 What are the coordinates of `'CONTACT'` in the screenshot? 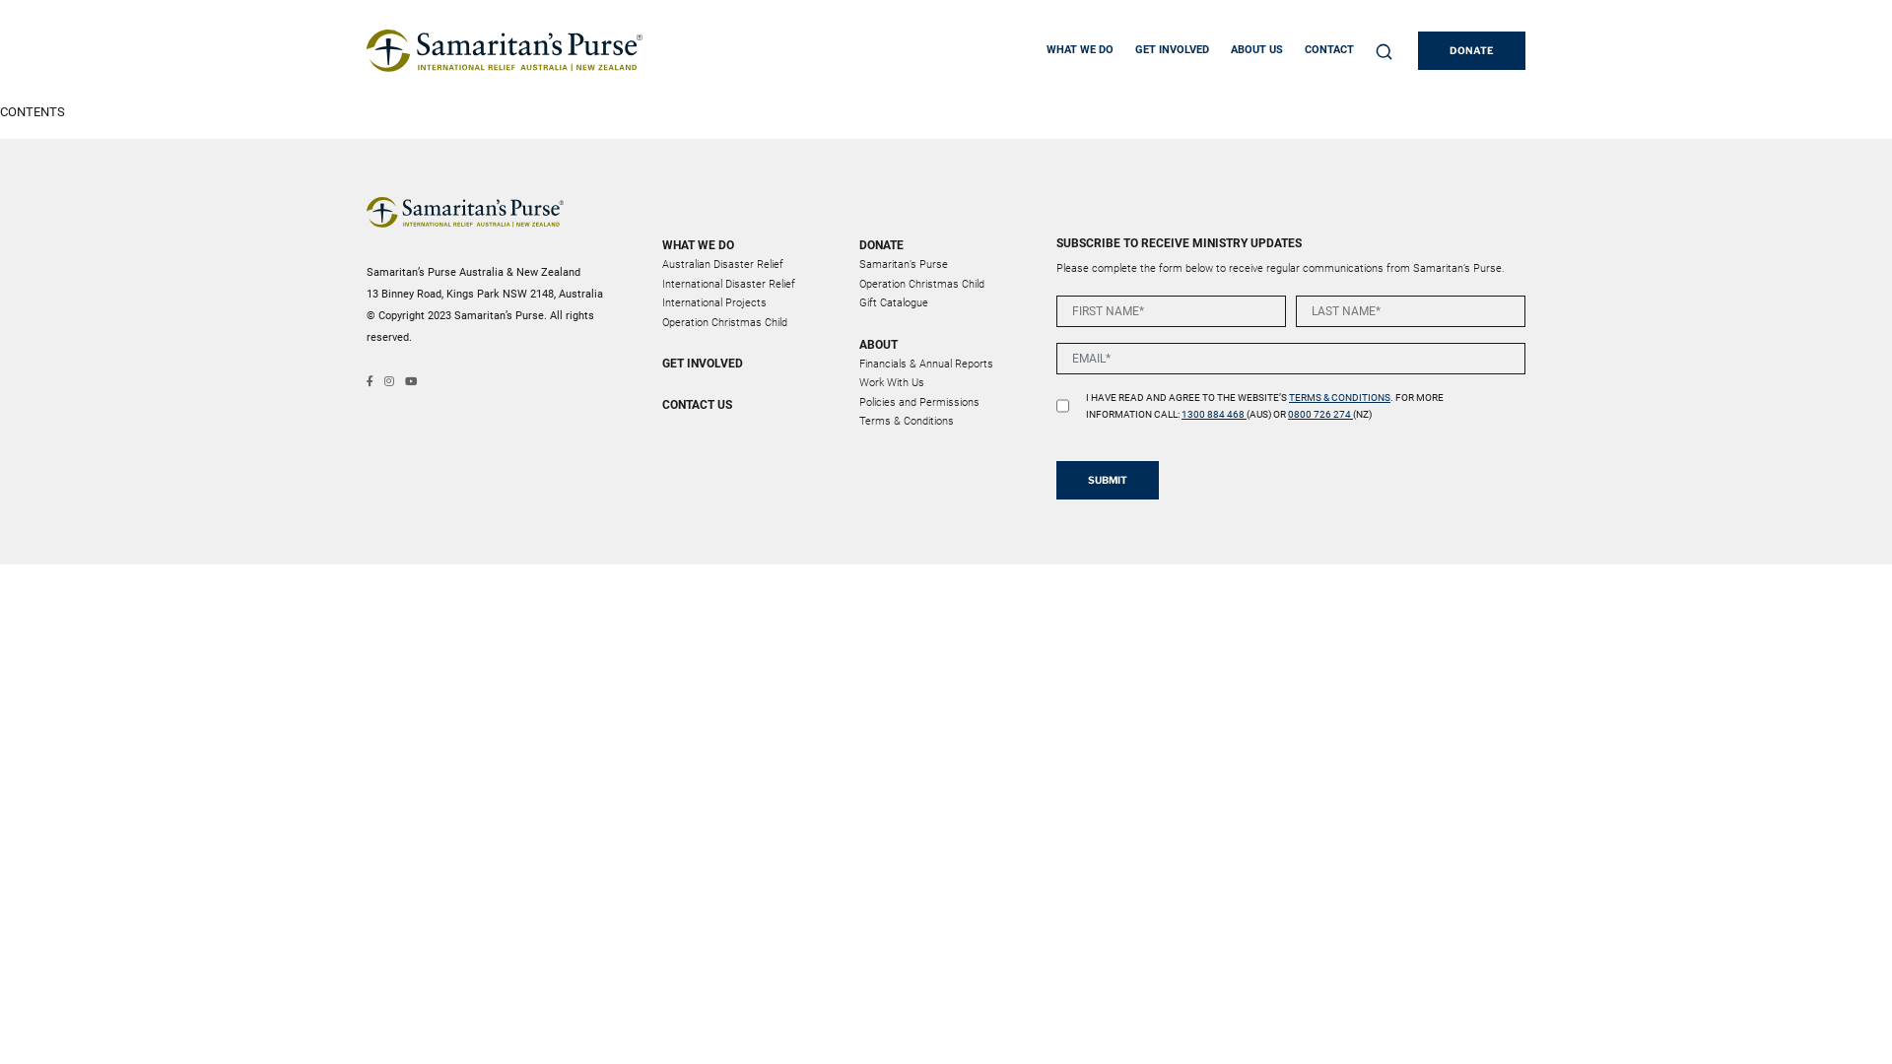 It's located at (1305, 49).